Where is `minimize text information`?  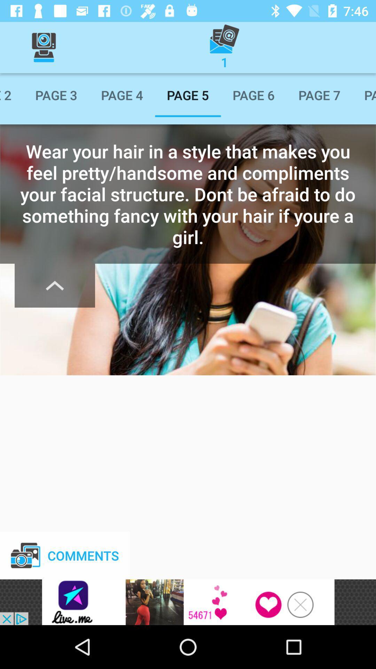 minimize text information is located at coordinates (54, 285).